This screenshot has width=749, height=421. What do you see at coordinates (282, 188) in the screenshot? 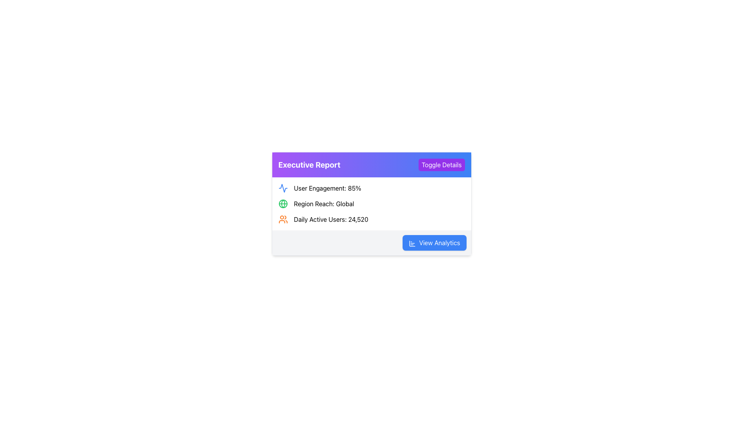
I see `the SVG icon resembling a stylized activity or wave graph located in the top-left area of the content panel under the 'Executive Report' header` at bounding box center [282, 188].